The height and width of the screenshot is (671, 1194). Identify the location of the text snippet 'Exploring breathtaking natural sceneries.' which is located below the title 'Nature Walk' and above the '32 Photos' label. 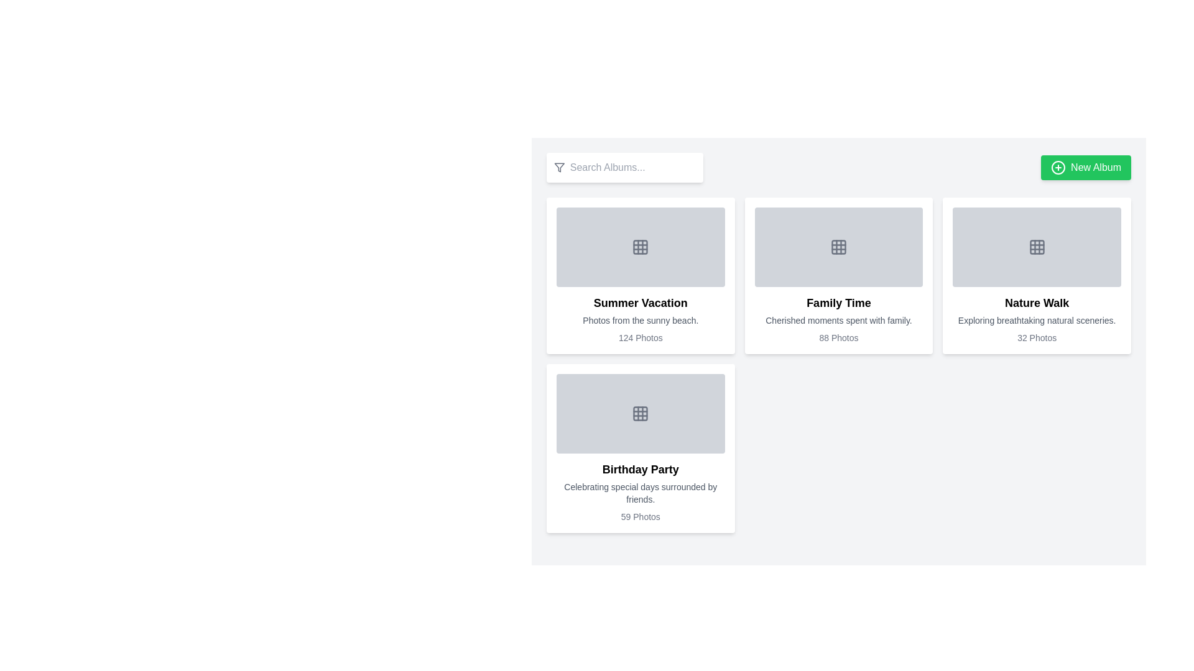
(1037, 320).